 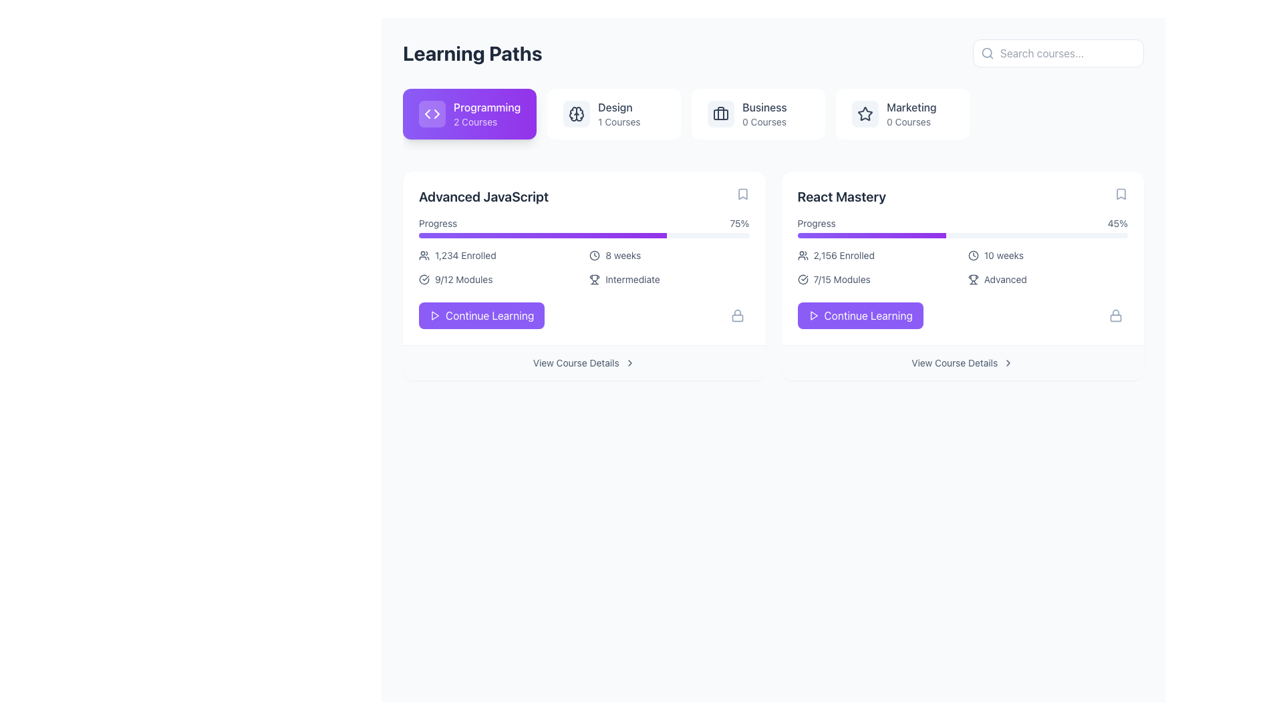 What do you see at coordinates (432, 113) in the screenshot?
I see `the appearance of the coding icon located in the 'Programming' button within the 'Learning Paths' section at the top-left of the interface` at bounding box center [432, 113].